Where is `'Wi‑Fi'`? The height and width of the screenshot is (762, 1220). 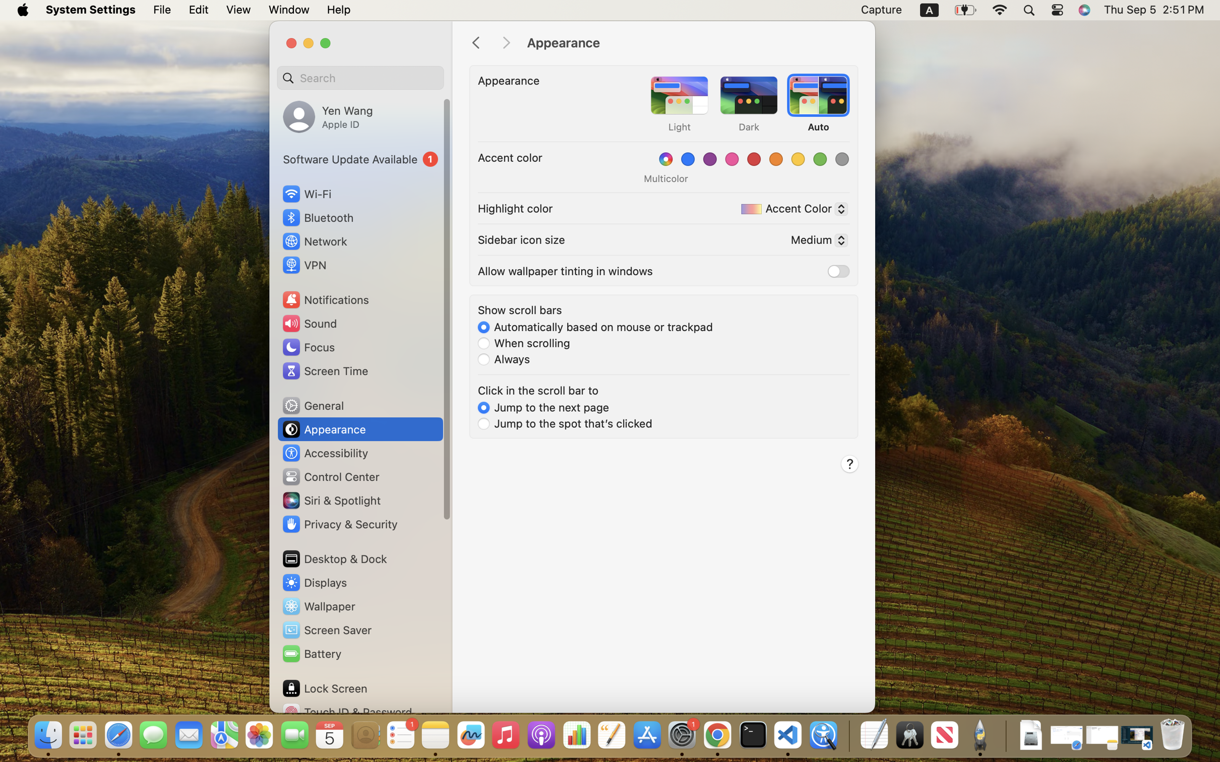
'Wi‑Fi' is located at coordinates (306, 193).